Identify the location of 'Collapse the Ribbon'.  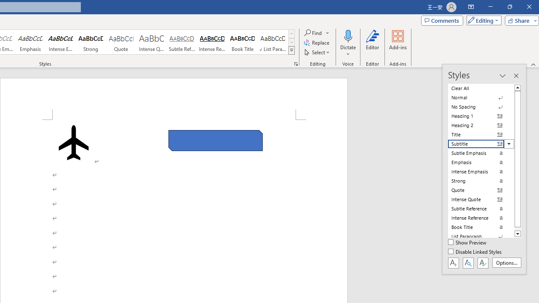
(533, 64).